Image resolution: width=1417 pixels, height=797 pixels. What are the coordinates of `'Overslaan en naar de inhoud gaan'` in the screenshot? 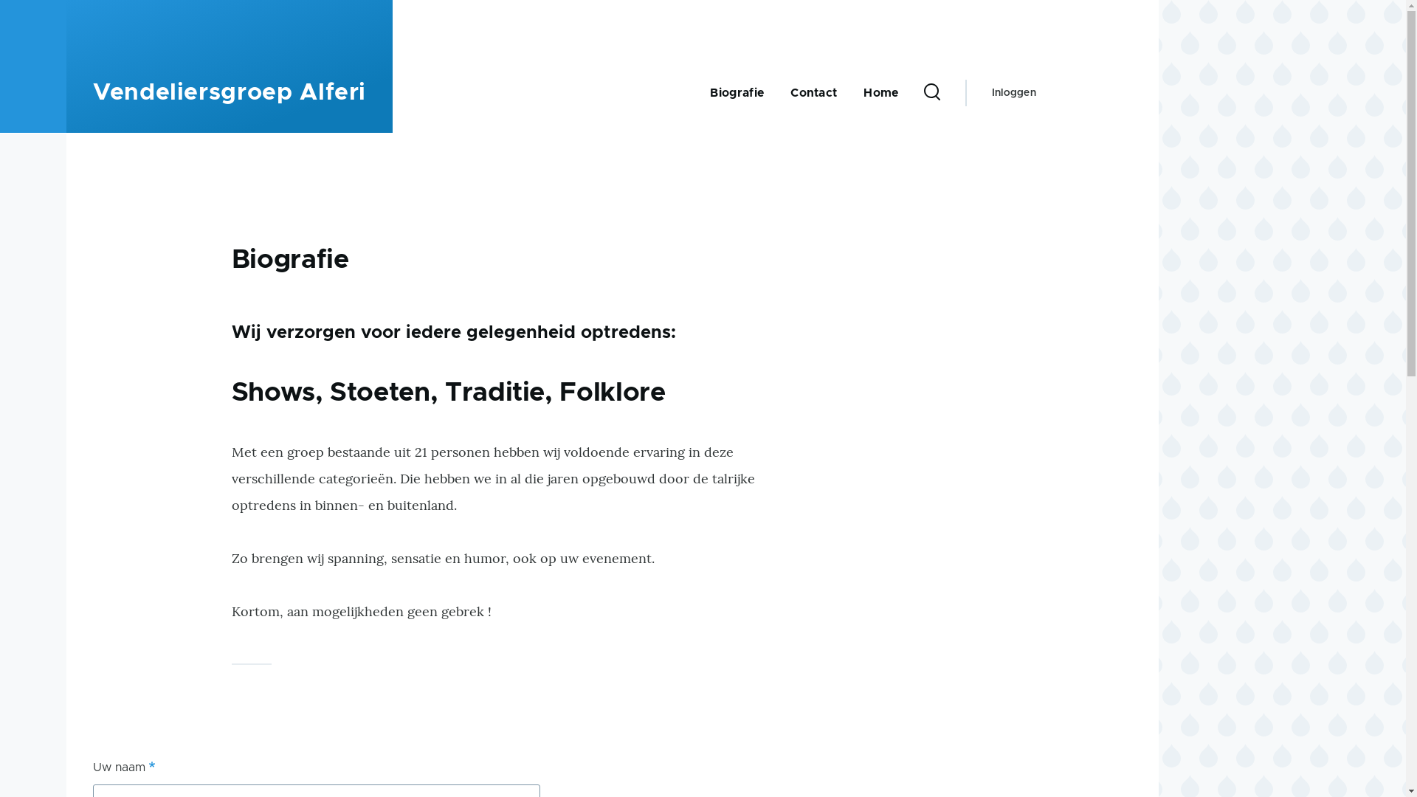 It's located at (579, 6).